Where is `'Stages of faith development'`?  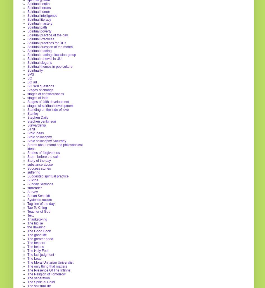 'Stages of faith development' is located at coordinates (48, 102).